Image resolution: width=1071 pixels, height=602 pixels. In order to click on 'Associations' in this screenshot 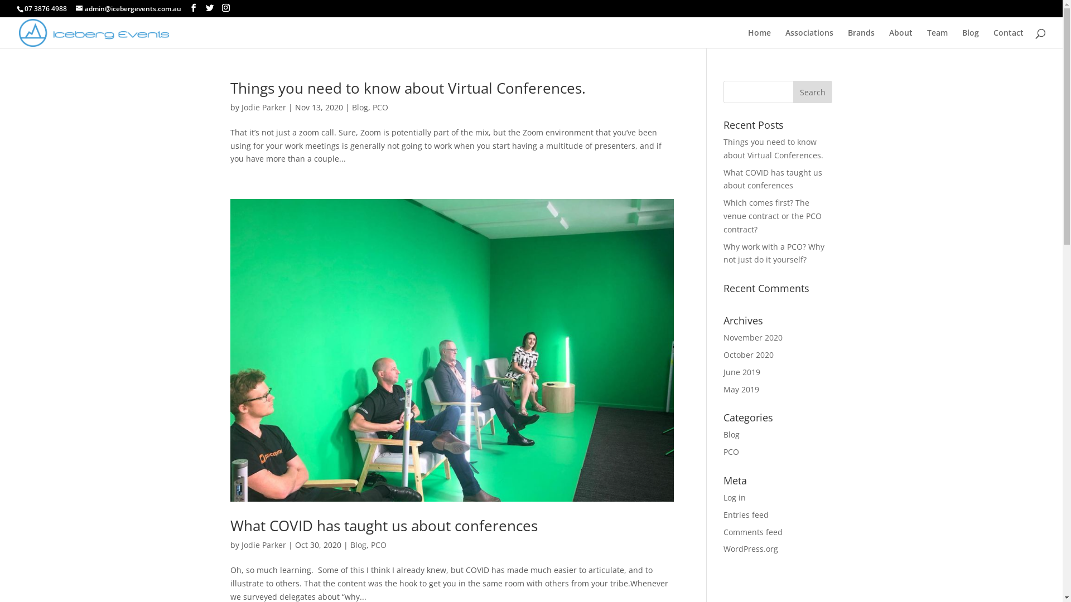, I will do `click(809, 38)`.